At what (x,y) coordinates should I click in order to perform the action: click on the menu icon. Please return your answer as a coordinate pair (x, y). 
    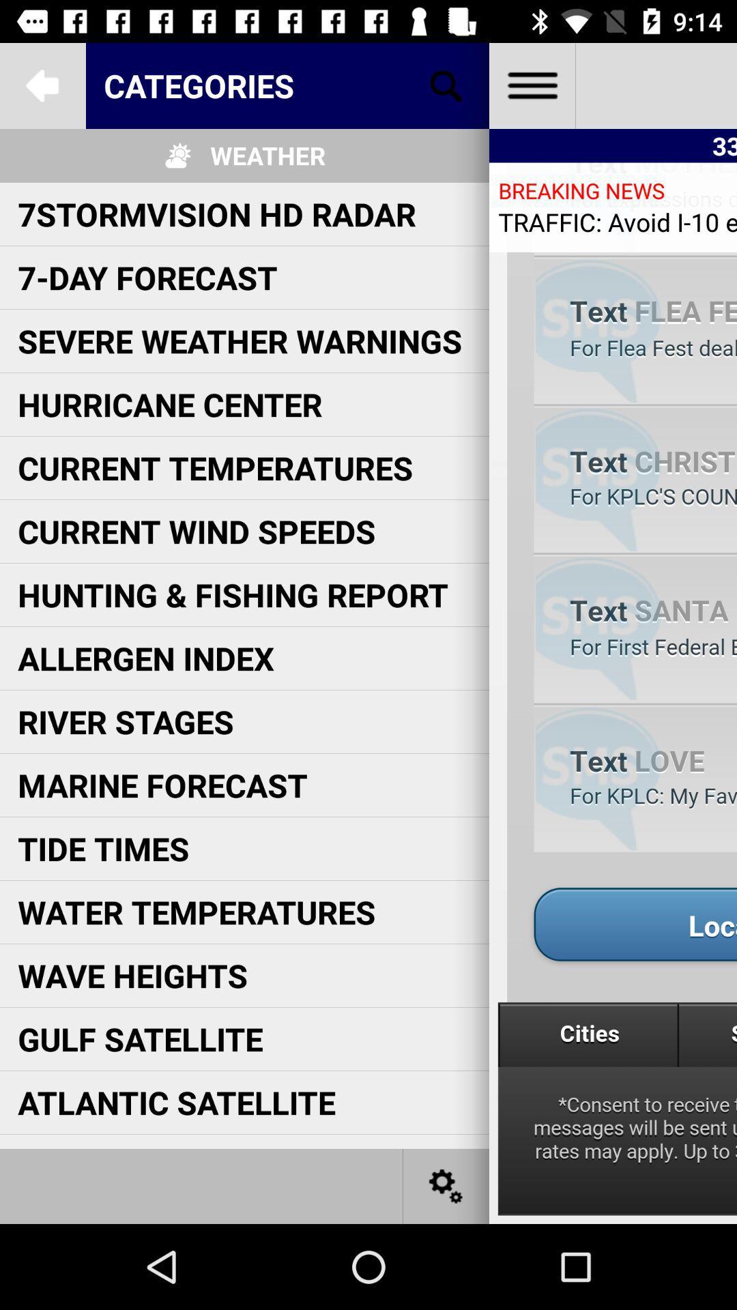
    Looking at the image, I should click on (531, 85).